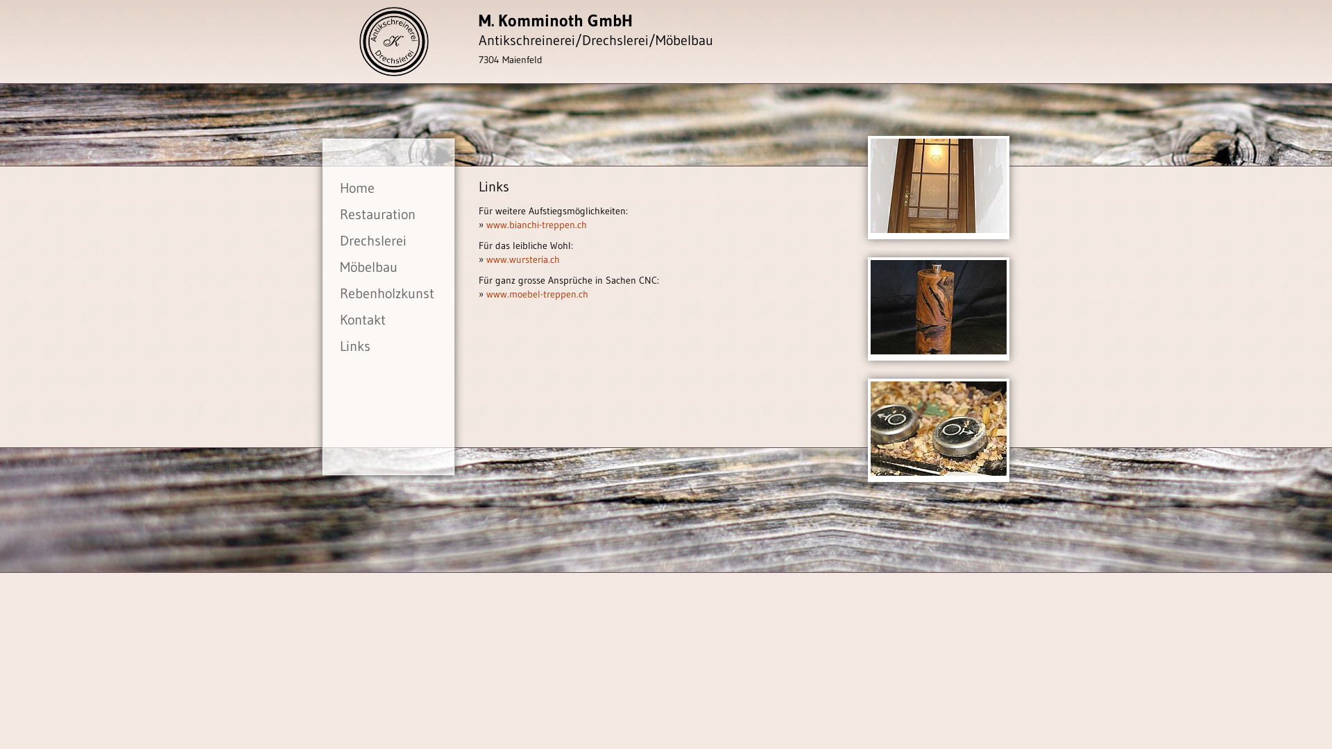  I want to click on 'Rebenholzkunst', so click(388, 293).